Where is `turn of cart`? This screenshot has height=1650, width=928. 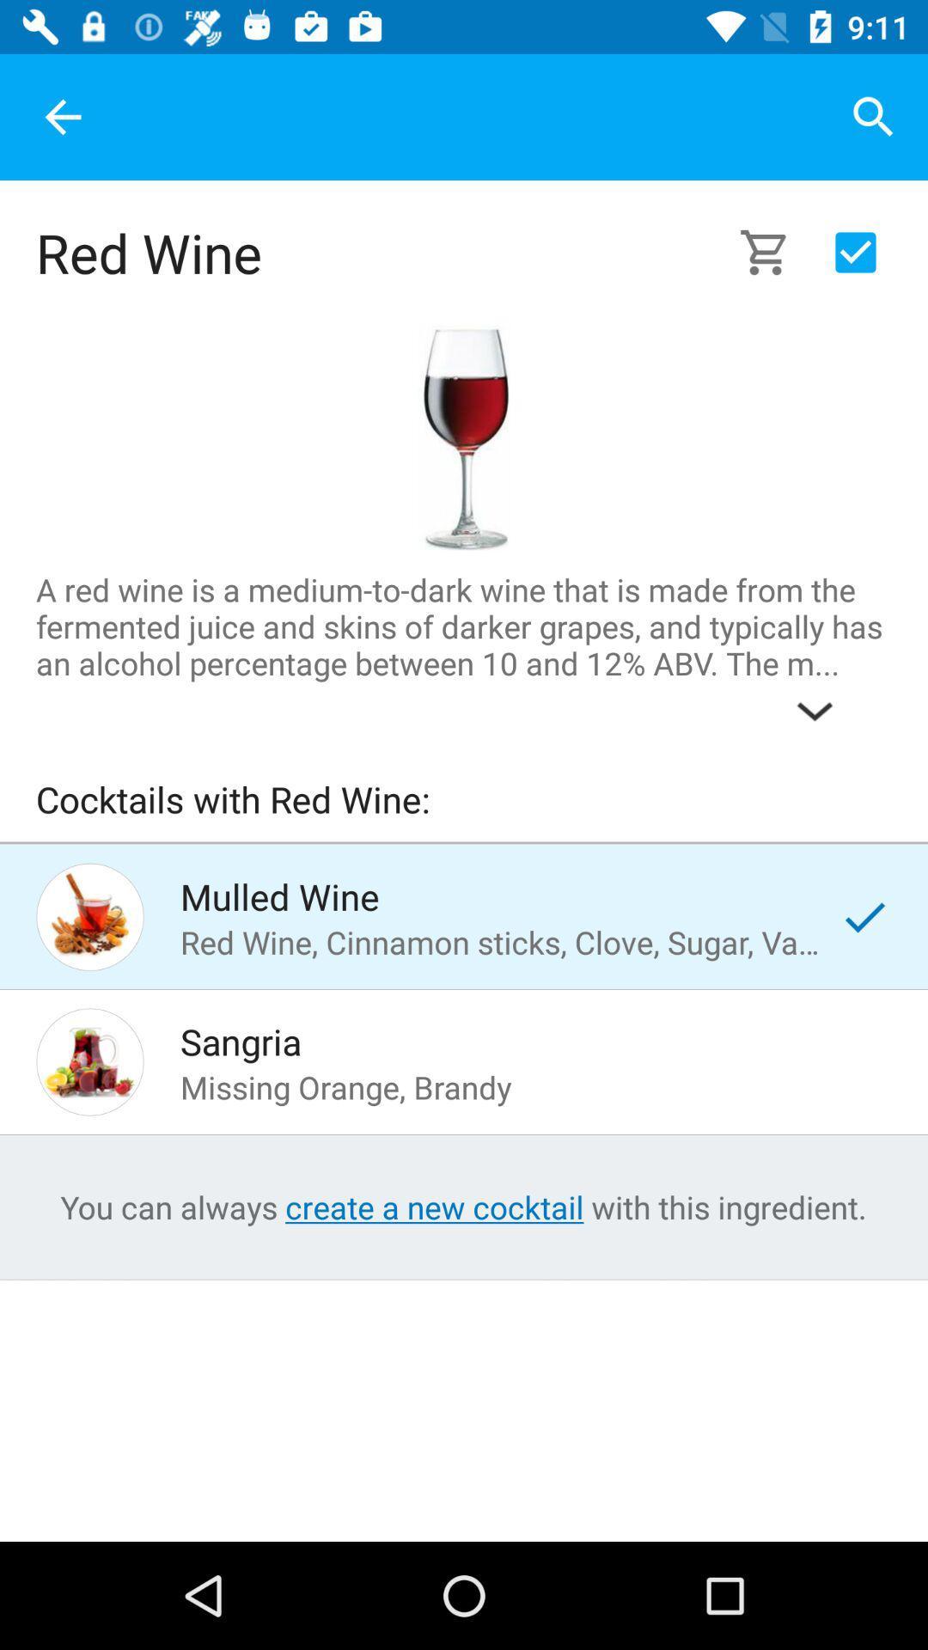 turn of cart is located at coordinates (855, 251).